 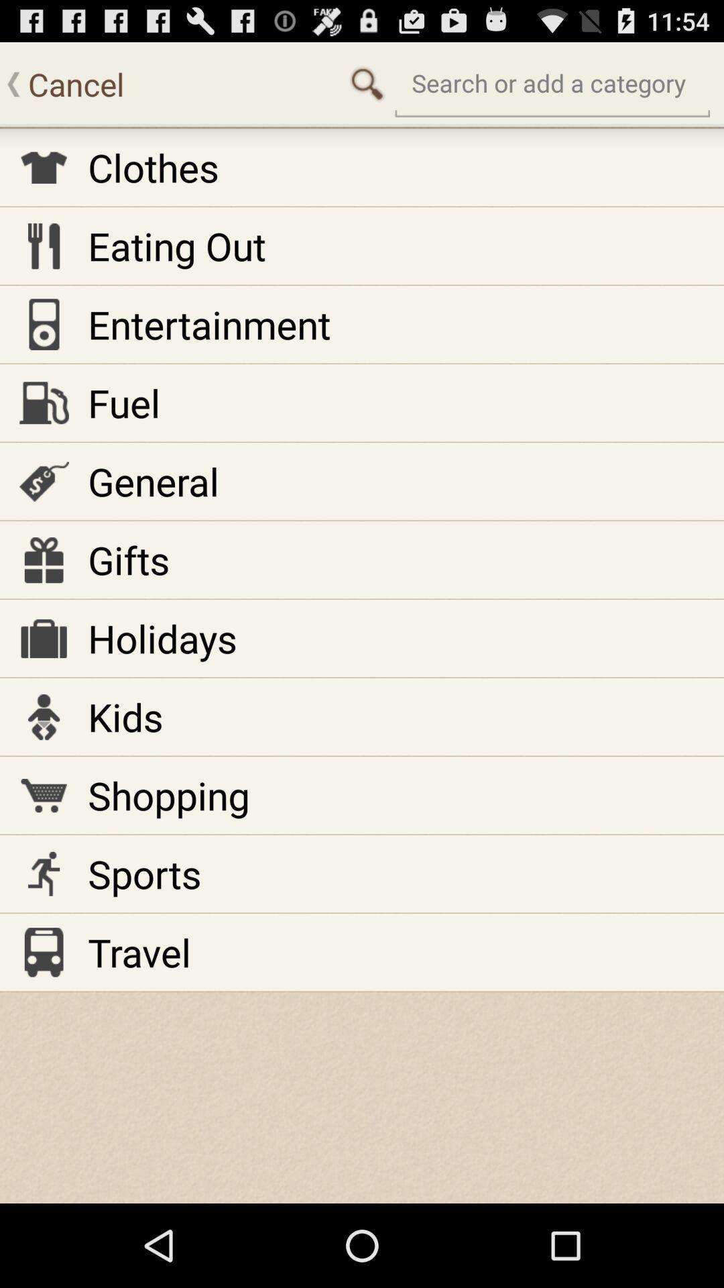 I want to click on the icon above the fuel item, so click(x=209, y=324).